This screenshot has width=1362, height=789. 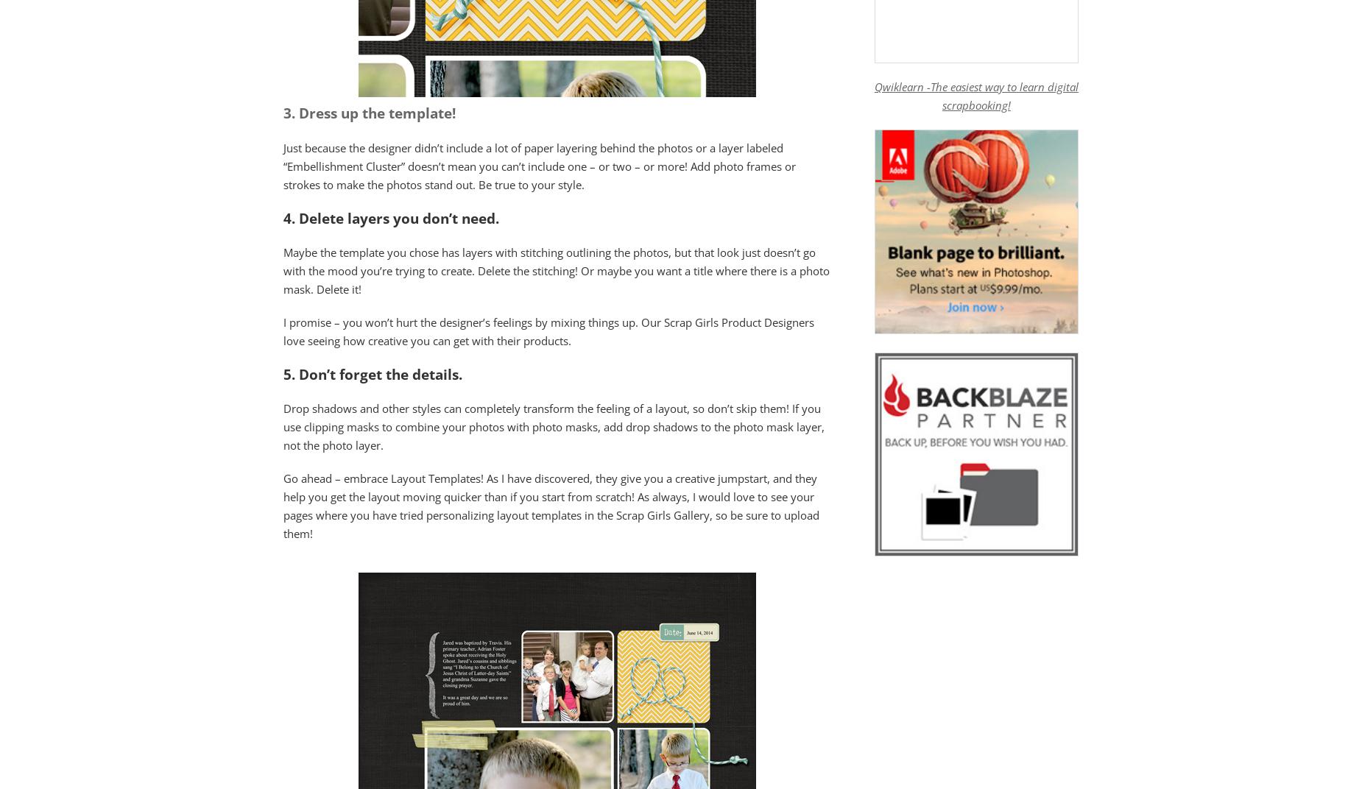 What do you see at coordinates (374, 373) in the screenshot?
I see `'5. Don’t forget the details.'` at bounding box center [374, 373].